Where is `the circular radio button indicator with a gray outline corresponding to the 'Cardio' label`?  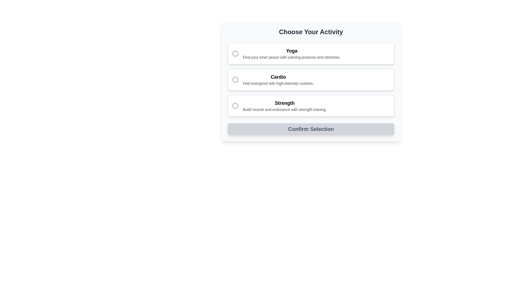
the circular radio button indicator with a gray outline corresponding to the 'Cardio' label is located at coordinates (235, 80).